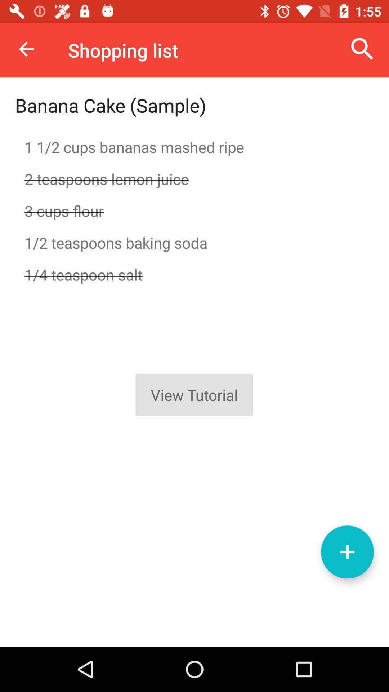 This screenshot has height=692, width=389. What do you see at coordinates (194, 210) in the screenshot?
I see `item above 1 2 teaspoons` at bounding box center [194, 210].